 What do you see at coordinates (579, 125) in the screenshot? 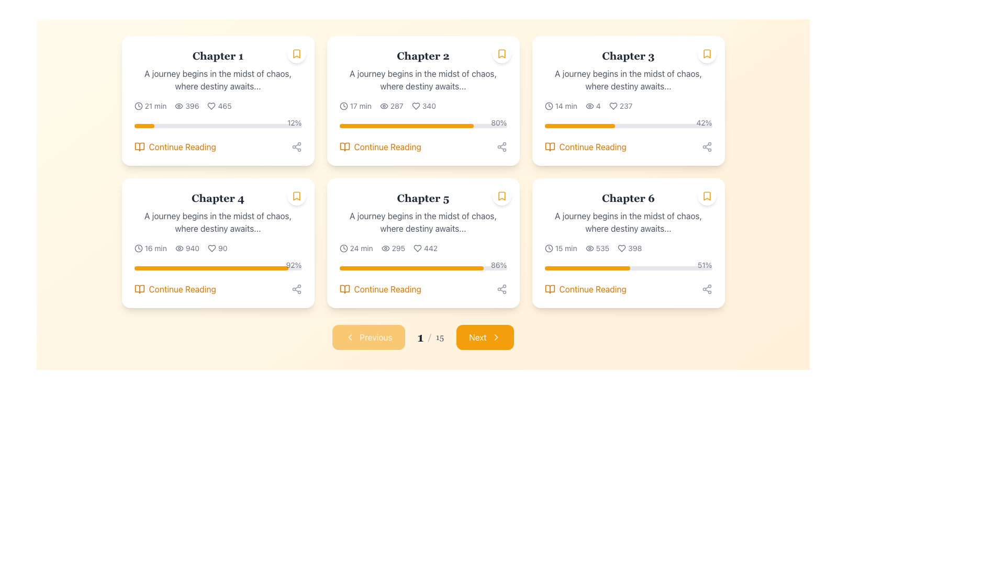
I see `the progress indicator, which visually represents the completion percentage of a task and is located in the third card of the first row within a grid layout` at bounding box center [579, 125].